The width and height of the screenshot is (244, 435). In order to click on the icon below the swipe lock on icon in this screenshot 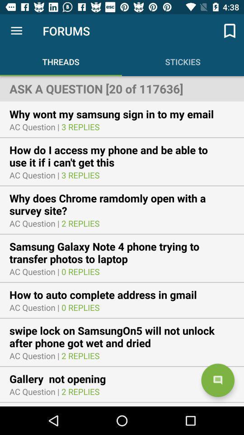, I will do `click(217, 380)`.